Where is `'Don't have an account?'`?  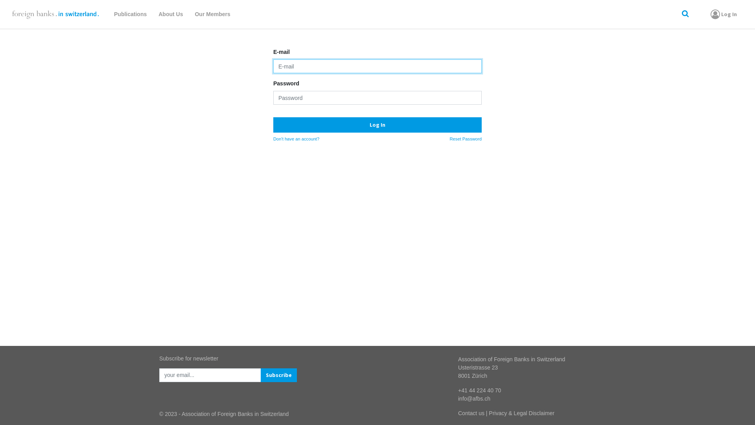
'Don't have an account?' is located at coordinates (296, 139).